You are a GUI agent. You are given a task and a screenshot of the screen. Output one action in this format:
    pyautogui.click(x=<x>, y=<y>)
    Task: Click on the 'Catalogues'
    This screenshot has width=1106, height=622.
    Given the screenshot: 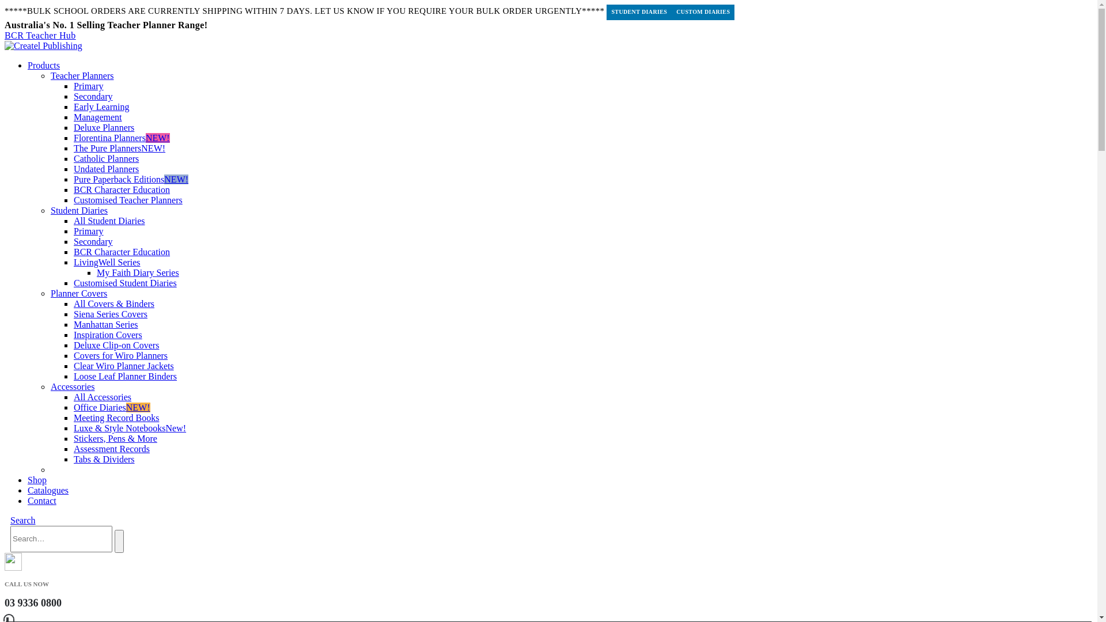 What is the action you would take?
    pyautogui.click(x=47, y=490)
    